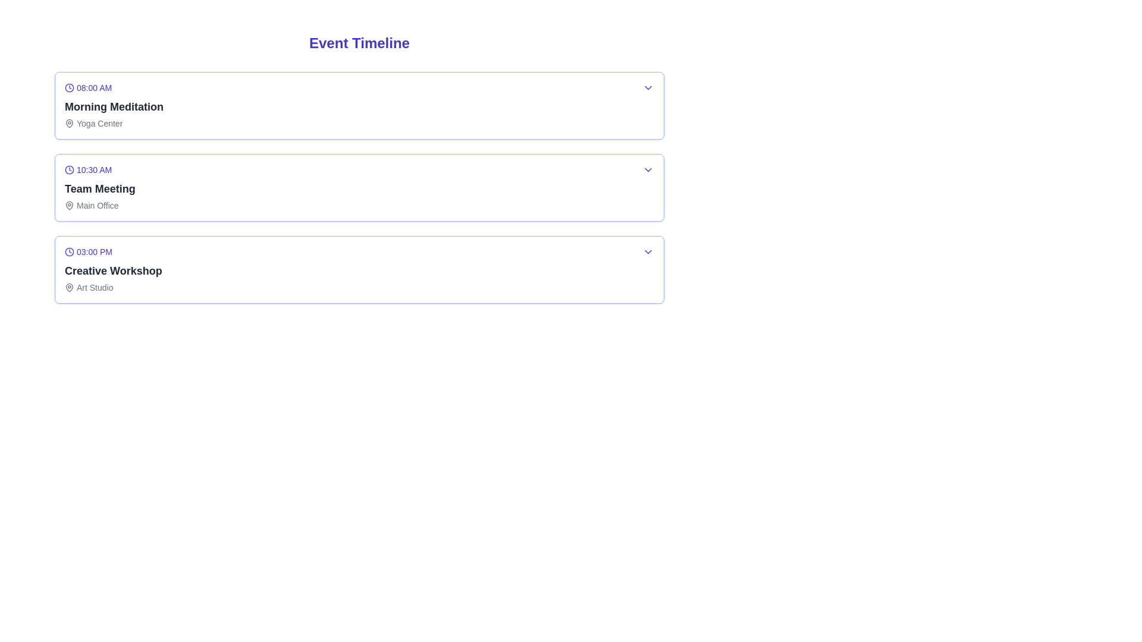  I want to click on the pin-shaped geographical location icon located next to the 'Art Studio' text at the bottom row of the timeline interface, so click(68, 287).